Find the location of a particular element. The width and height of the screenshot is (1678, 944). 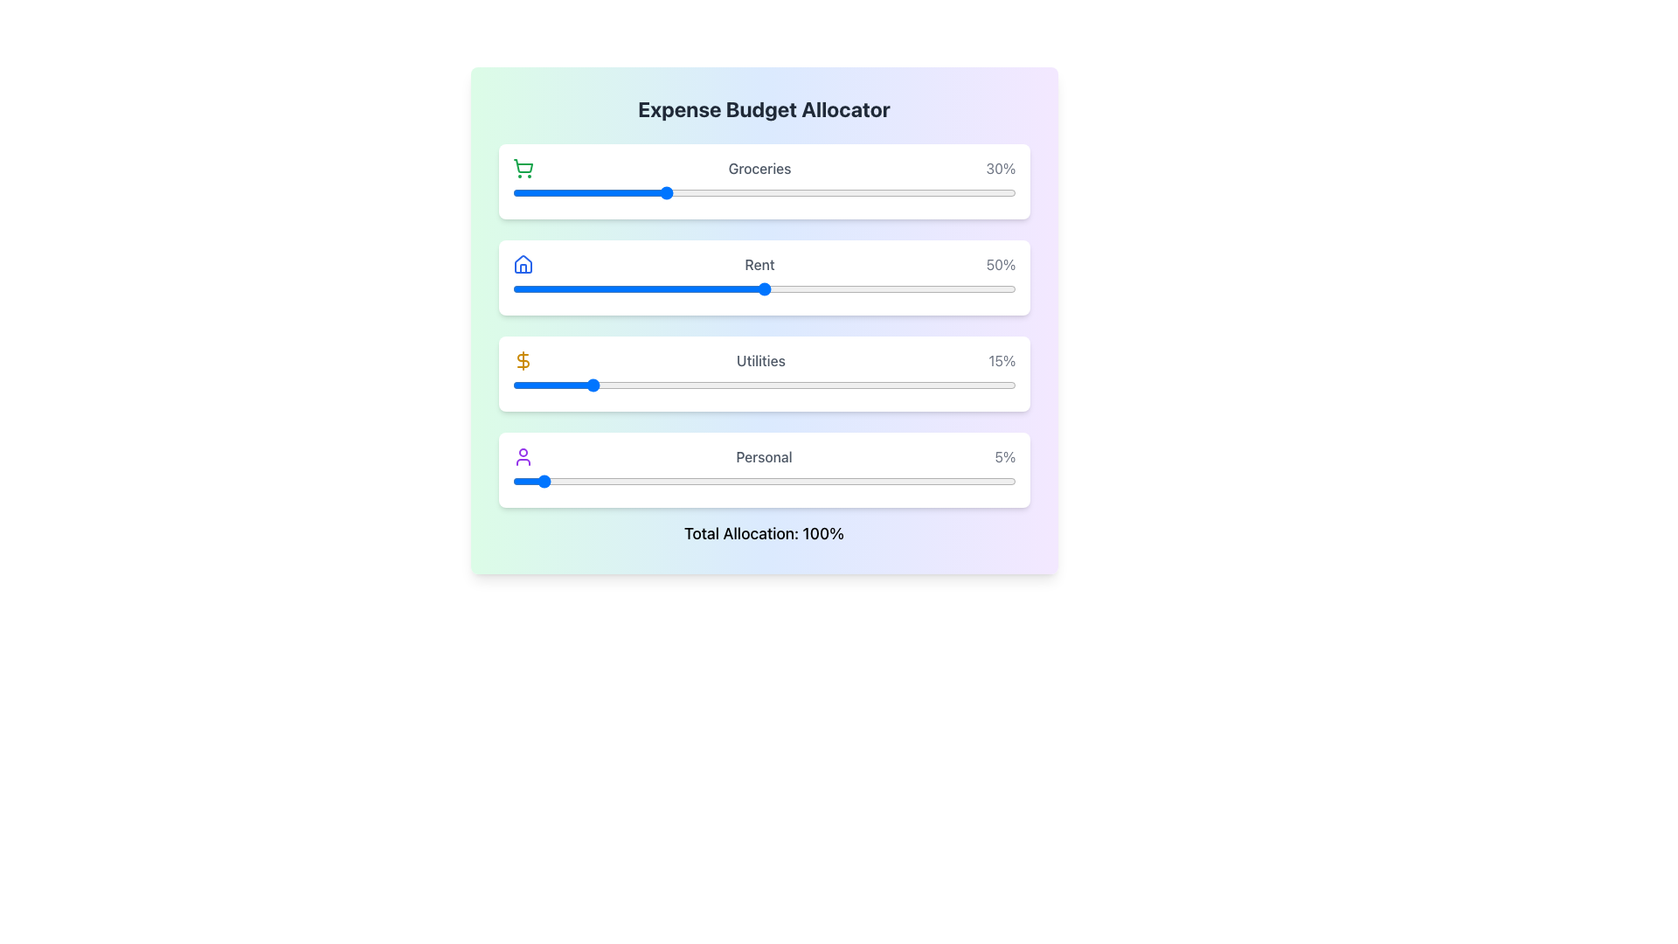

utilities allocation is located at coordinates (648, 384).